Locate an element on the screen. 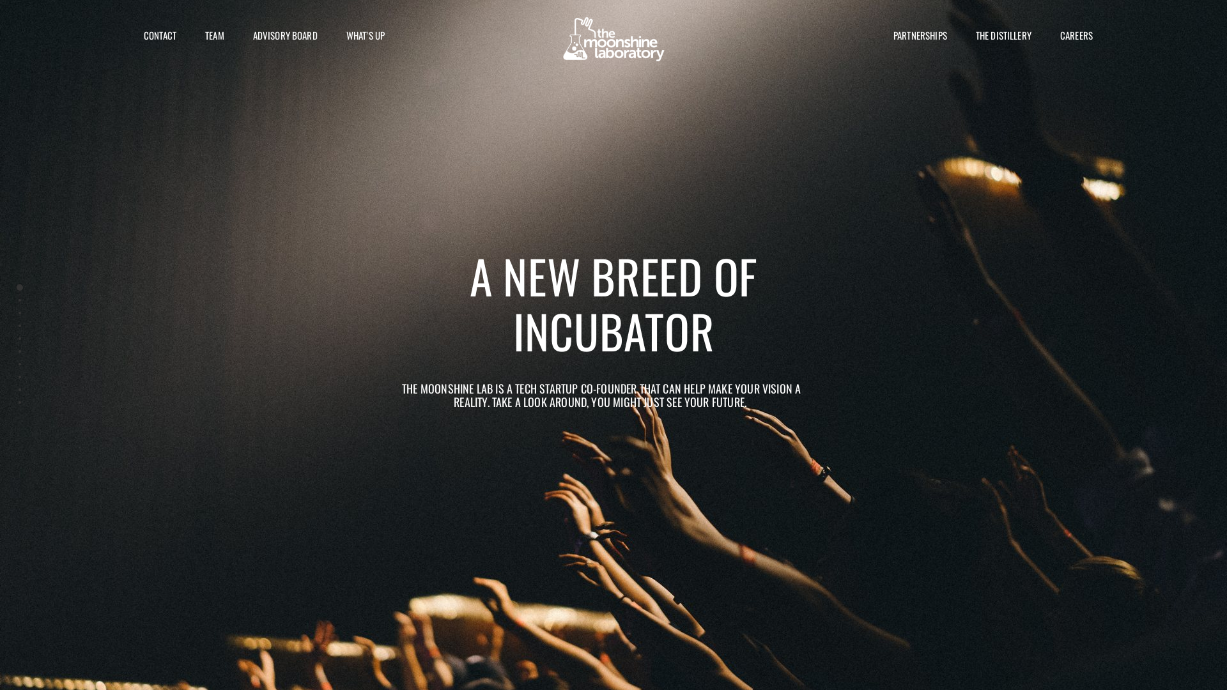  'TEAM' is located at coordinates (195, 38).